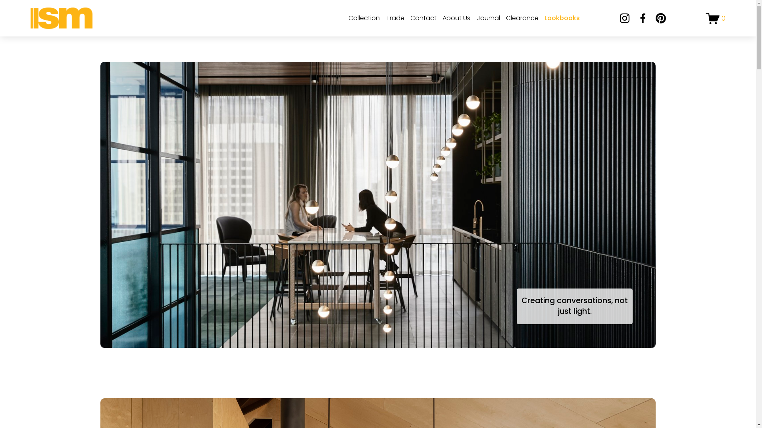 The height and width of the screenshot is (428, 762). I want to click on 'Trade', so click(395, 18).